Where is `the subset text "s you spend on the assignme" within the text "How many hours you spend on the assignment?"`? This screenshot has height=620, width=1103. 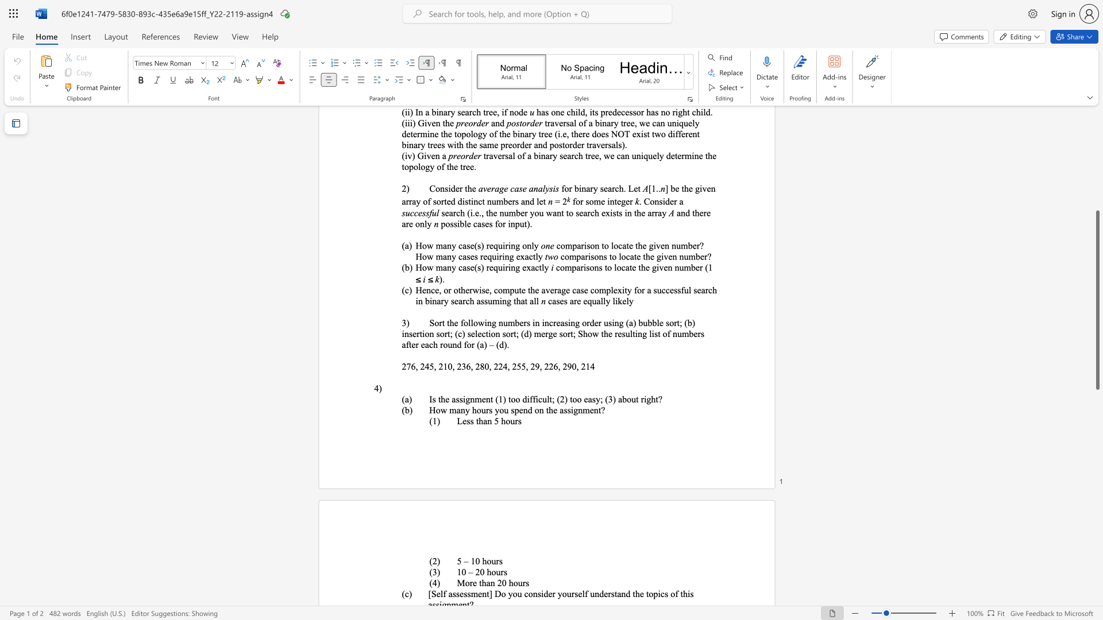 the subset text "s you spend on the assignme" within the text "How many hours you spend on the assignment?" is located at coordinates (489, 409).